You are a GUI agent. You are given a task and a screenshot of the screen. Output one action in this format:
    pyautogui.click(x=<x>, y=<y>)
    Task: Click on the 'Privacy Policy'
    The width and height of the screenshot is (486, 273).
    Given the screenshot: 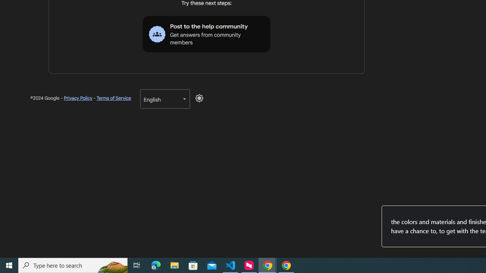 What is the action you would take?
    pyautogui.click(x=78, y=98)
    